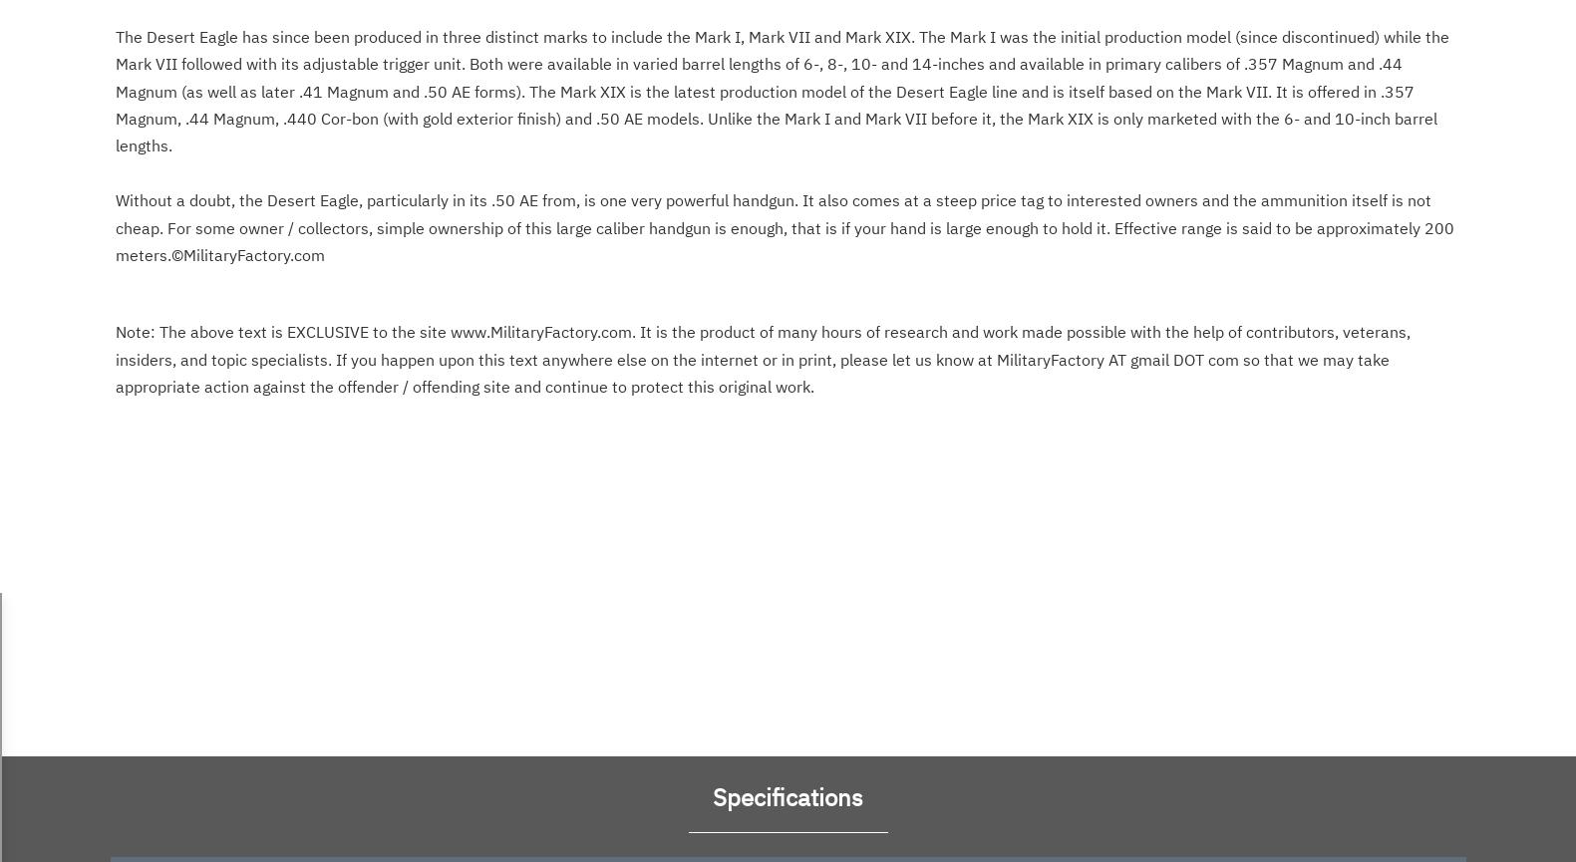  What do you see at coordinates (114, 179) in the screenshot?
I see `'SR71blackbird.org, detailing the history of the world's most iconic spyplane'` at bounding box center [114, 179].